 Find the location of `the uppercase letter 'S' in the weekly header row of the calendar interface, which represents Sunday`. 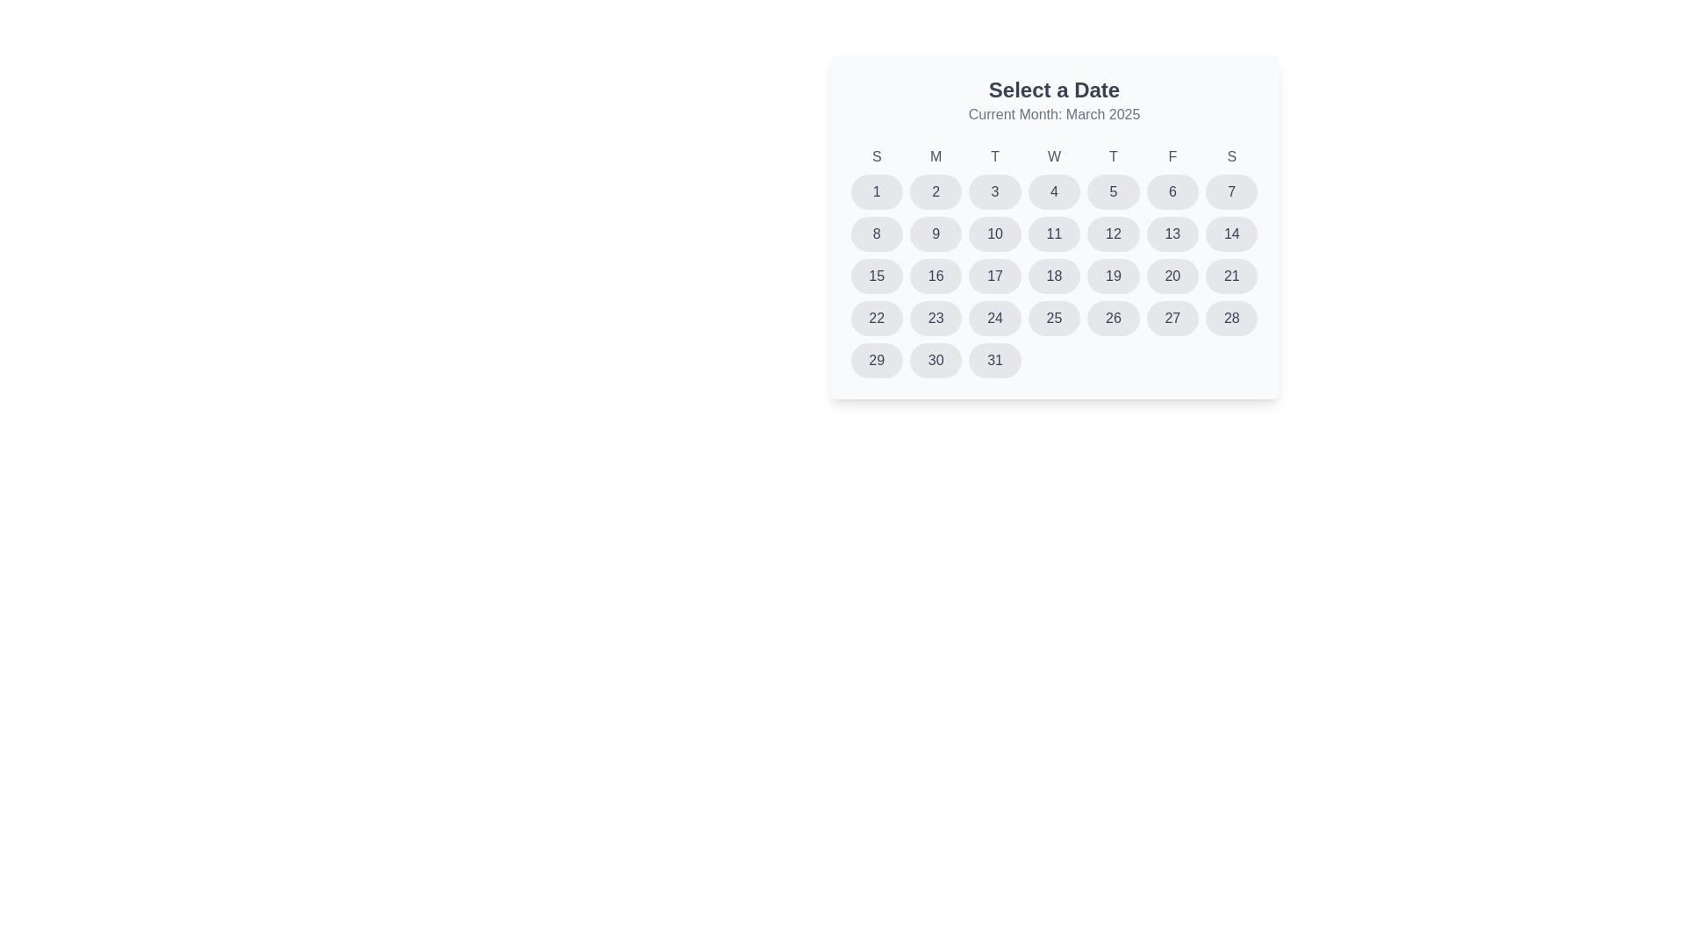

the uppercase letter 'S' in the weekly header row of the calendar interface, which represents Sunday is located at coordinates (877, 155).